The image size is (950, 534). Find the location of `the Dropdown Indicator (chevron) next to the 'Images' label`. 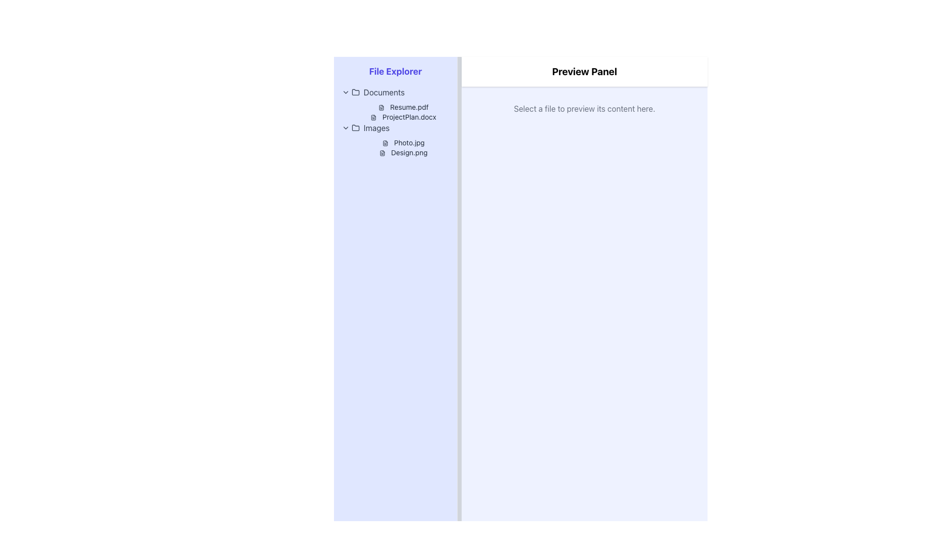

the Dropdown Indicator (chevron) next to the 'Images' label is located at coordinates (346, 127).